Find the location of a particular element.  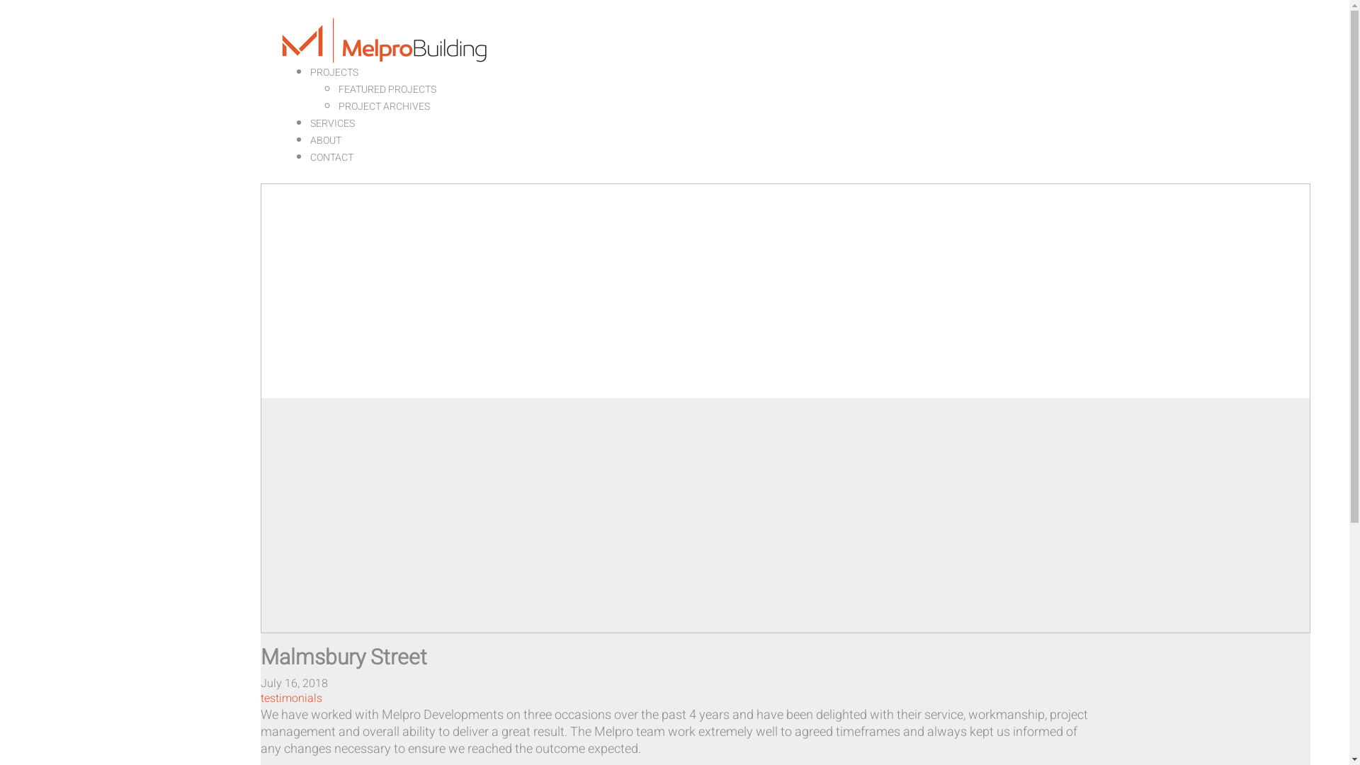

'testimonials' is located at coordinates (290, 698).